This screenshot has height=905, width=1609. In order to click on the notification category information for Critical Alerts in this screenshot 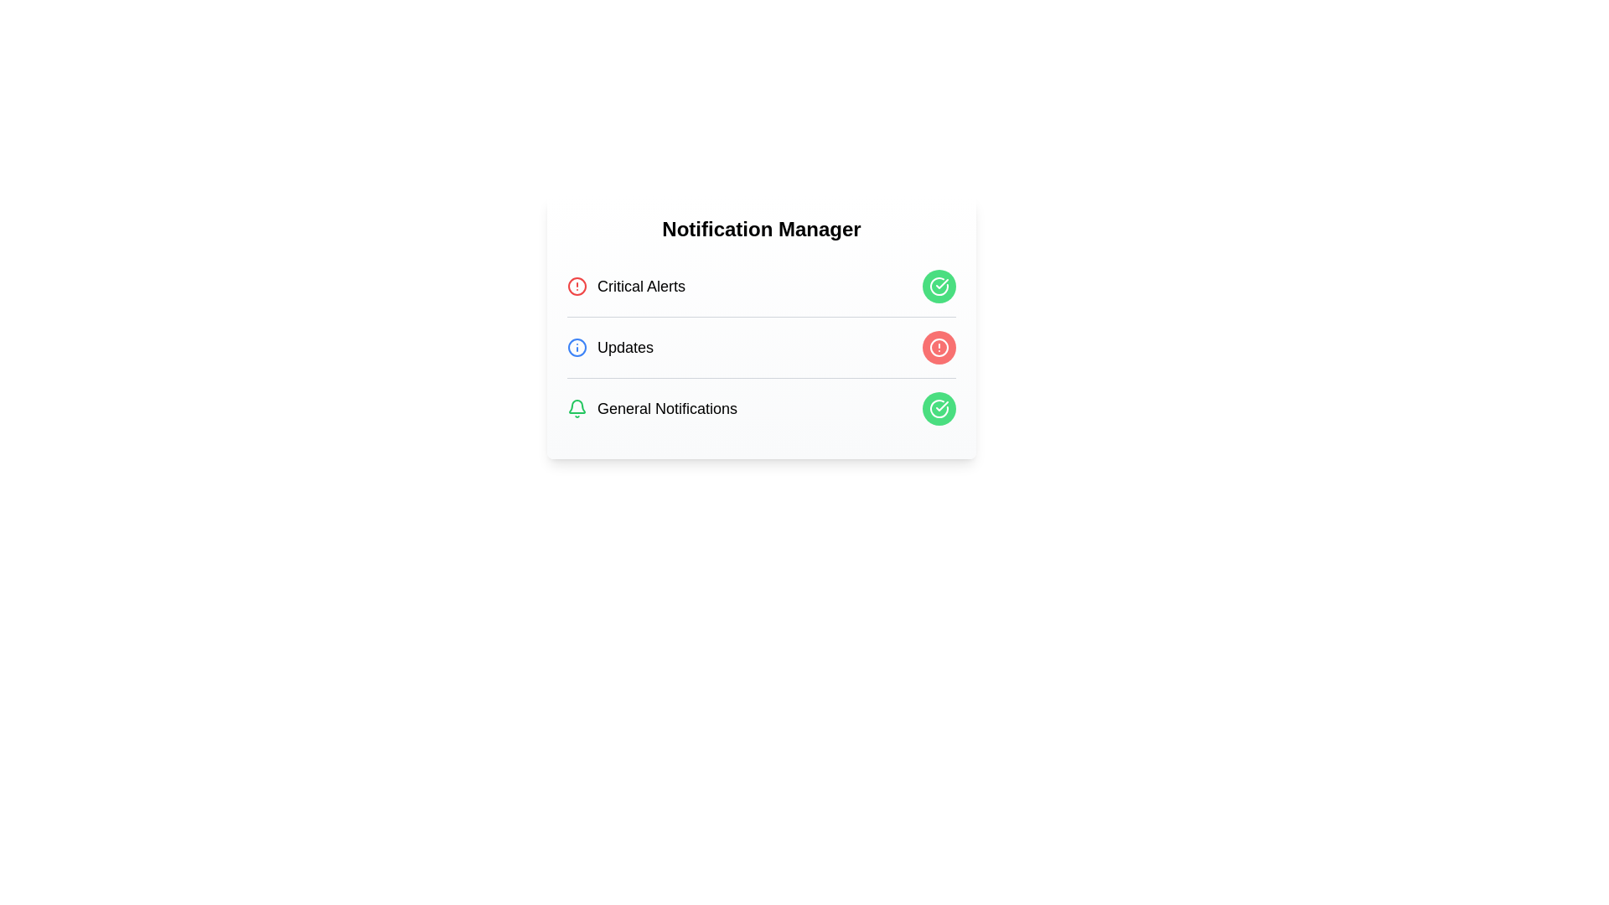, I will do `click(625, 286)`.